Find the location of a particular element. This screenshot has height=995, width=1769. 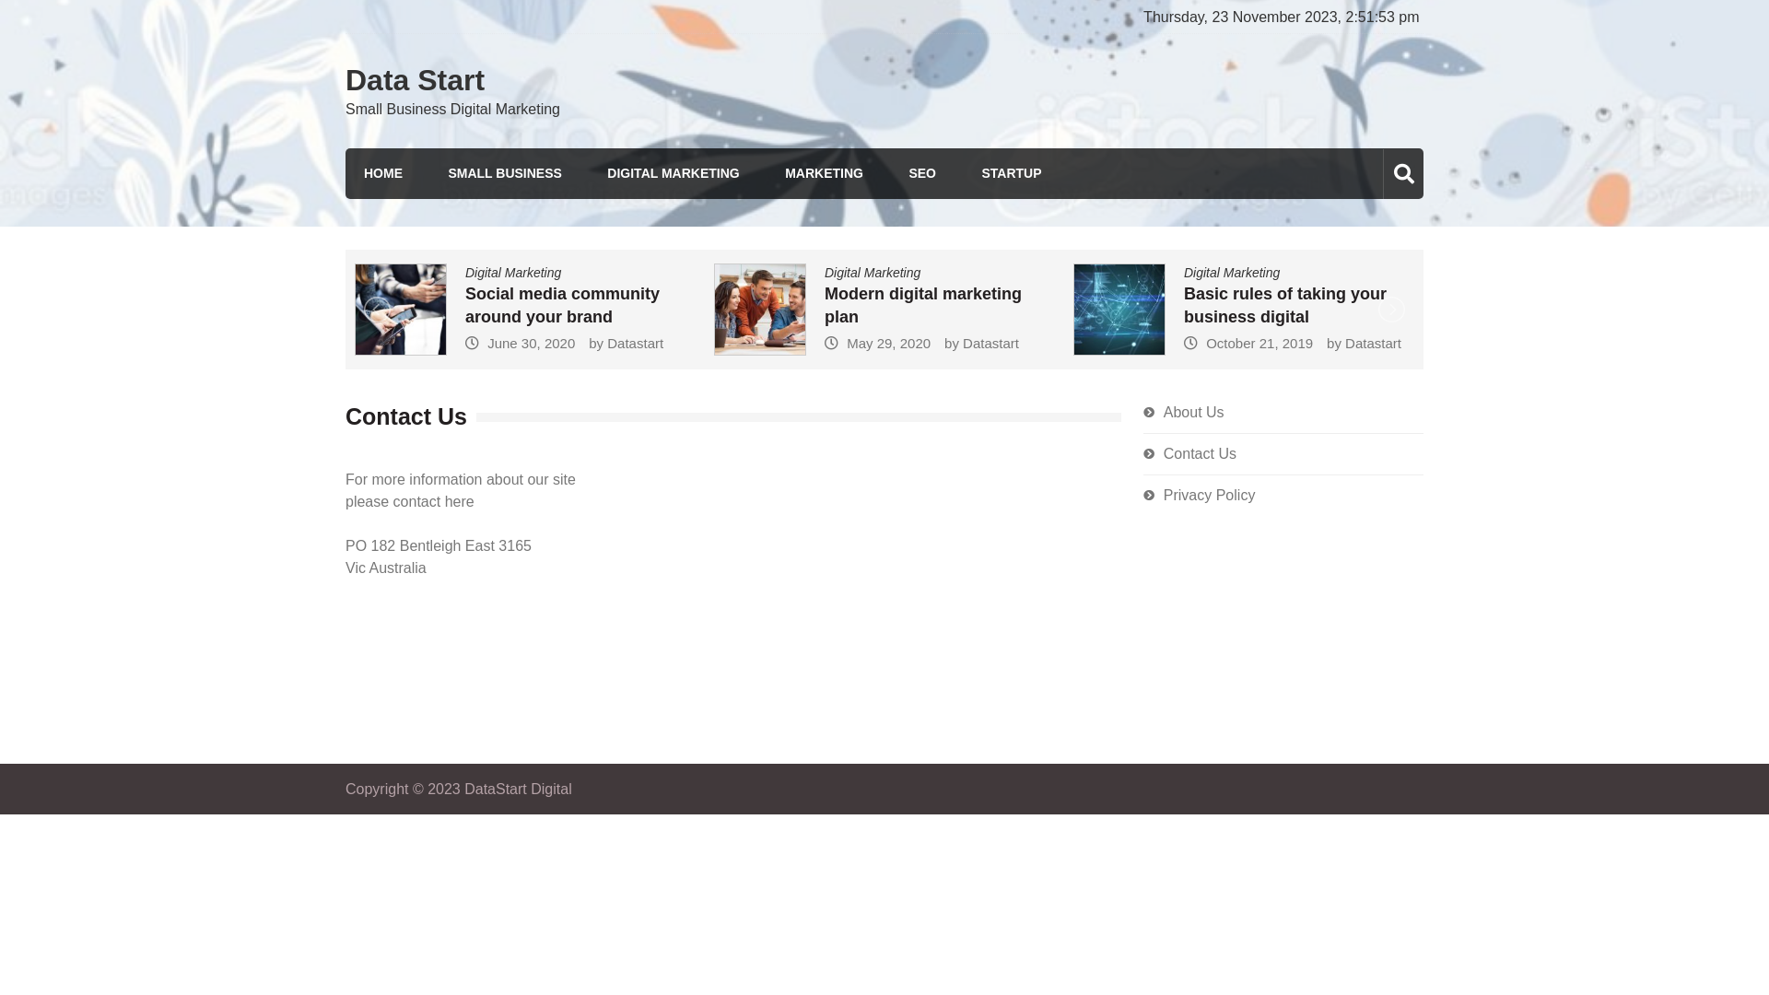

'SMALL BUSINESS' is located at coordinates (504, 173).